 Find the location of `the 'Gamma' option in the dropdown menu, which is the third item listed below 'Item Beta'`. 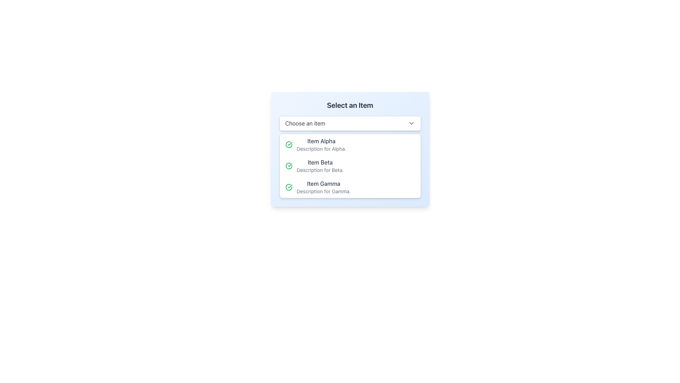

the 'Gamma' option in the dropdown menu, which is the third item listed below 'Item Beta' is located at coordinates (323, 187).